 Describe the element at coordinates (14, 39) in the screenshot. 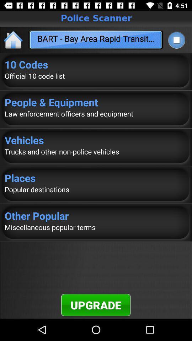

I see `go home` at that location.